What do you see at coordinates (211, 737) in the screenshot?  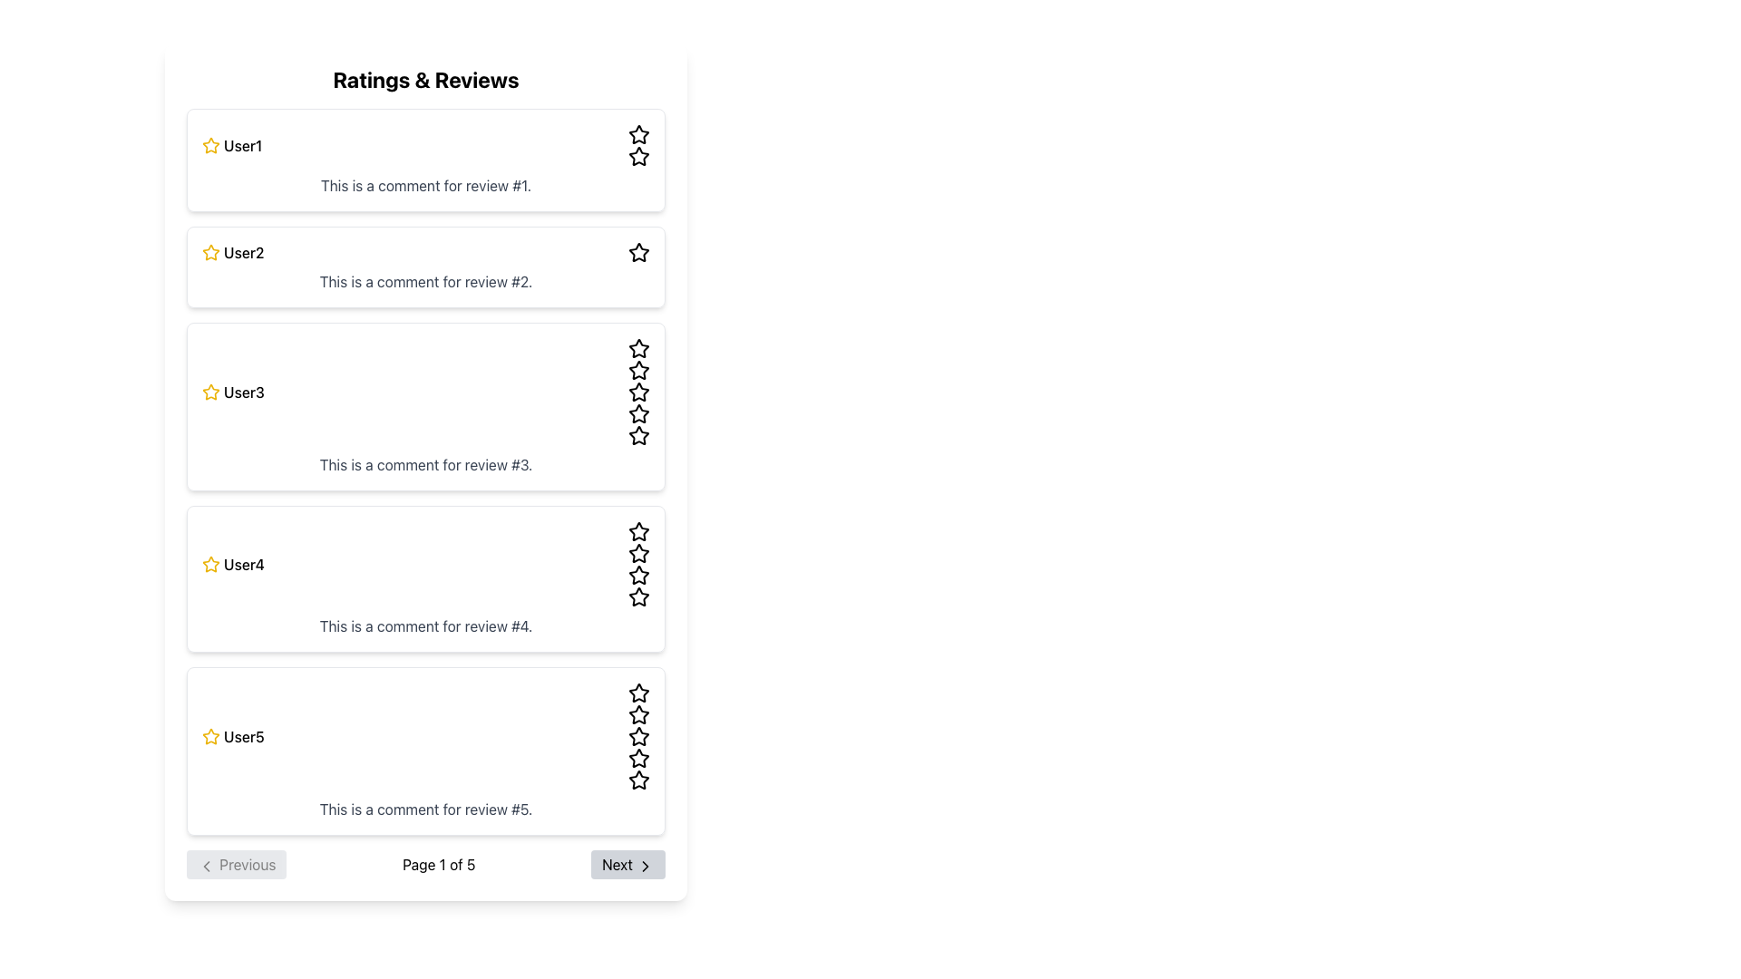 I see `the yellow star icon indicating an active state, located beside the 'User5' label in the last row of the reviews list` at bounding box center [211, 737].